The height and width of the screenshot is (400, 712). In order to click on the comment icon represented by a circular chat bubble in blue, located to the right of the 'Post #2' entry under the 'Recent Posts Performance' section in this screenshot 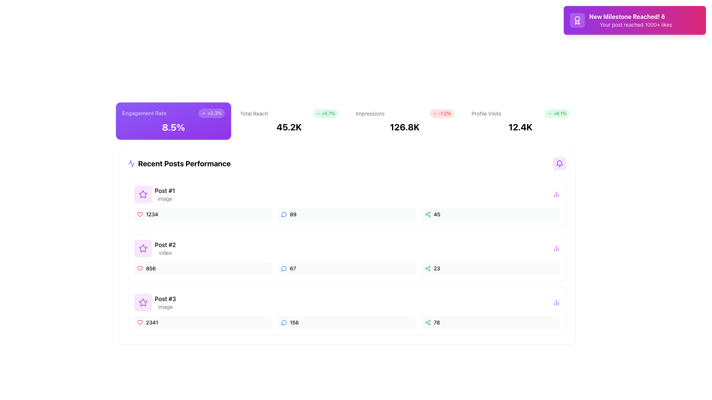, I will do `click(283, 214)`.